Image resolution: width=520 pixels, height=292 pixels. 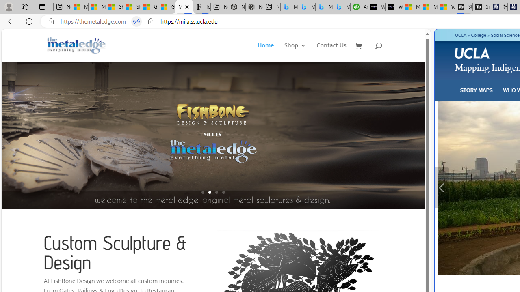 What do you see at coordinates (217, 192) in the screenshot?
I see `'3'` at bounding box center [217, 192].